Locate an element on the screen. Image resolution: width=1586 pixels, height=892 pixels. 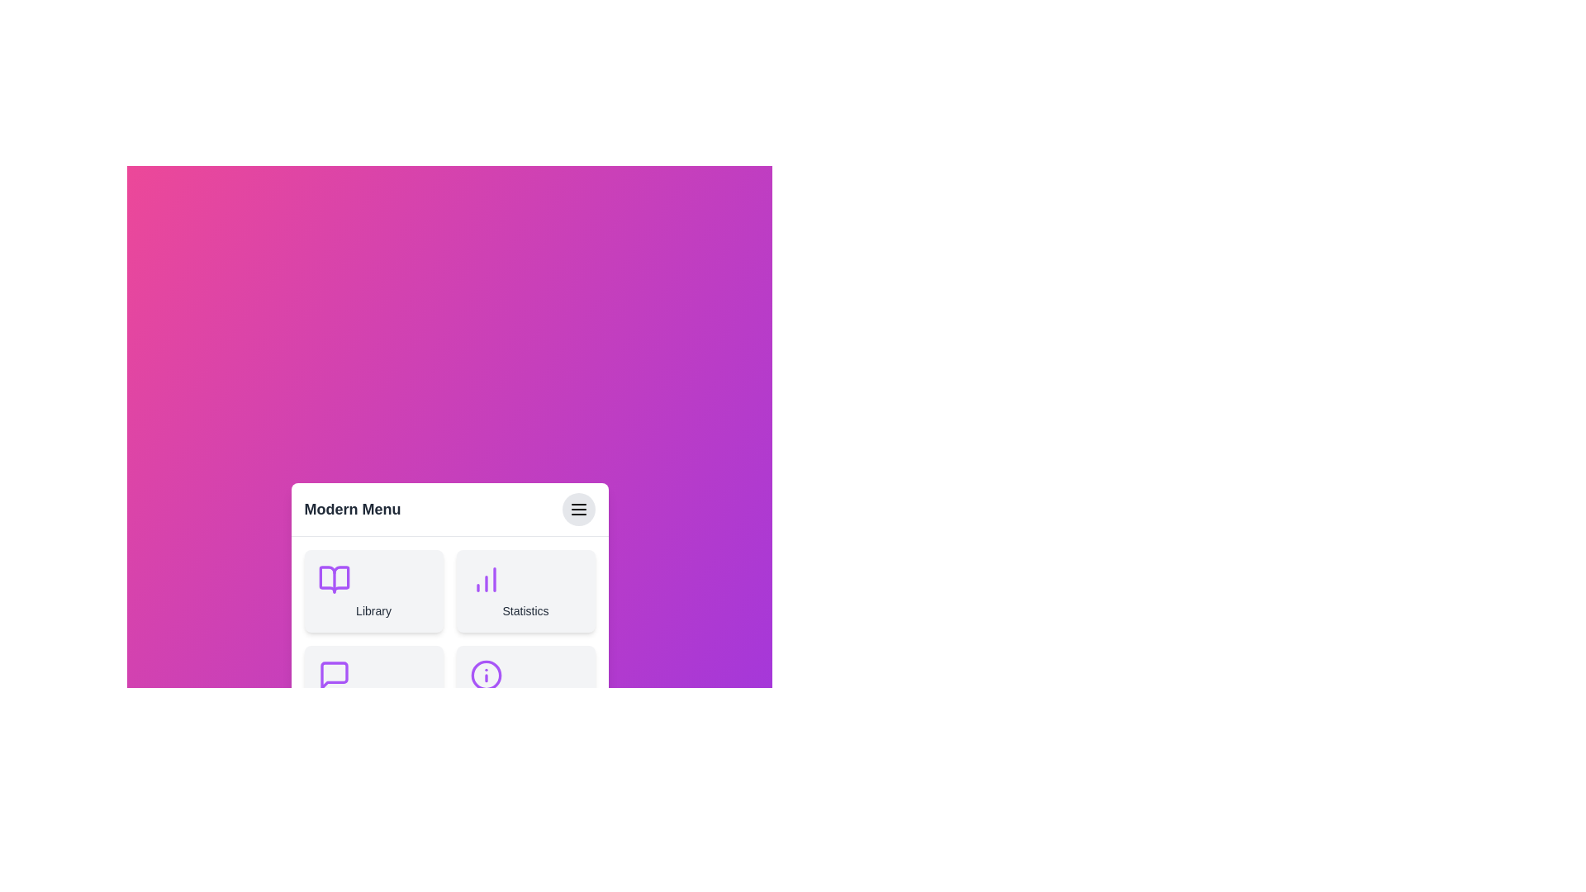
the menu item Library to observe its hover effect is located at coordinates (373, 590).